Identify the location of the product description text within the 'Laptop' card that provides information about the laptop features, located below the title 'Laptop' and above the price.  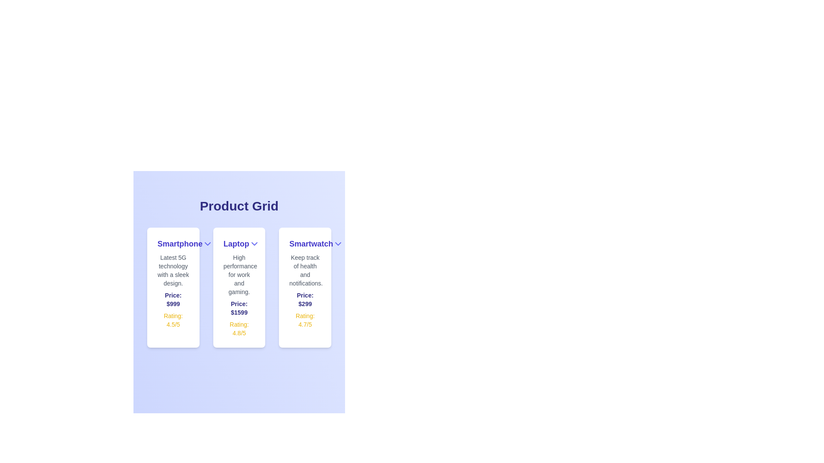
(239, 274).